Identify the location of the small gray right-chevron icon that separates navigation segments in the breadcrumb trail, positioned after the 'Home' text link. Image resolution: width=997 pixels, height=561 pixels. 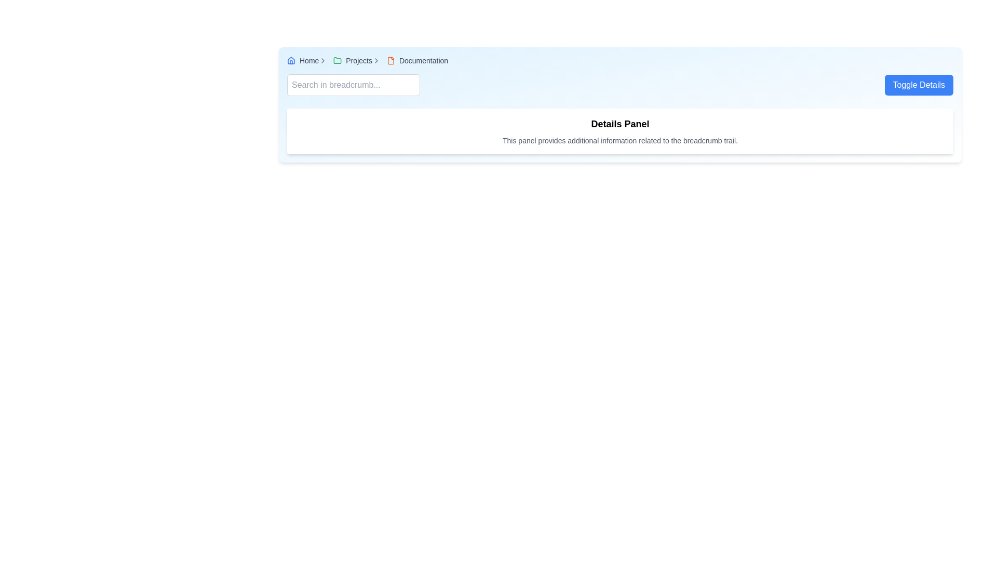
(322, 60).